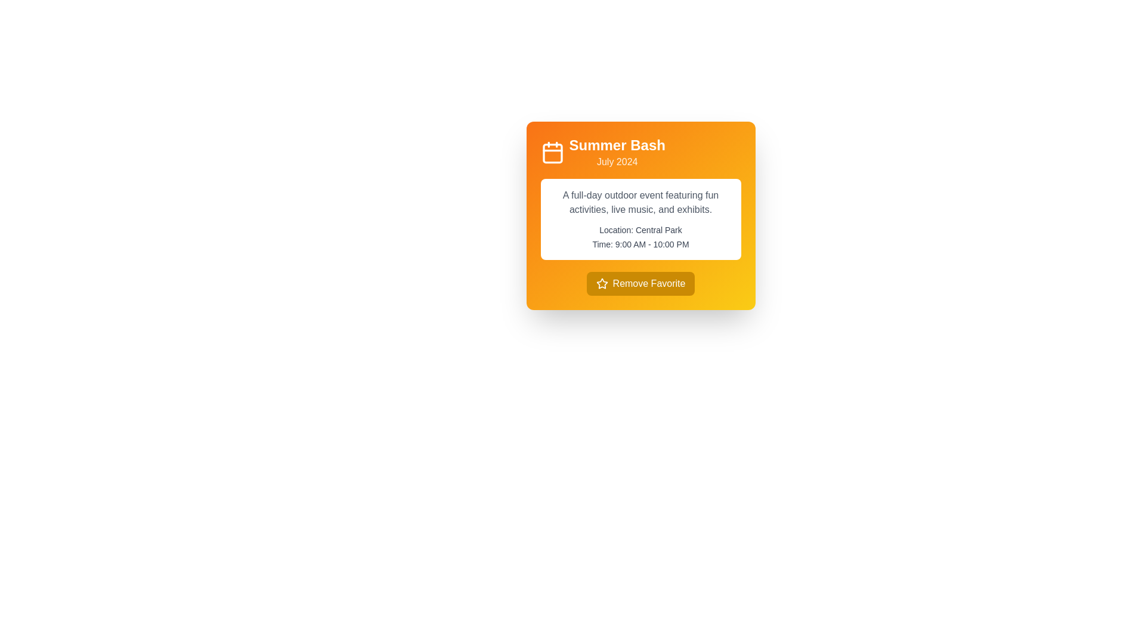  I want to click on event's title and date displayed in the text block located at the top of the event card, adjacent to the calendar icon, so click(640, 151).